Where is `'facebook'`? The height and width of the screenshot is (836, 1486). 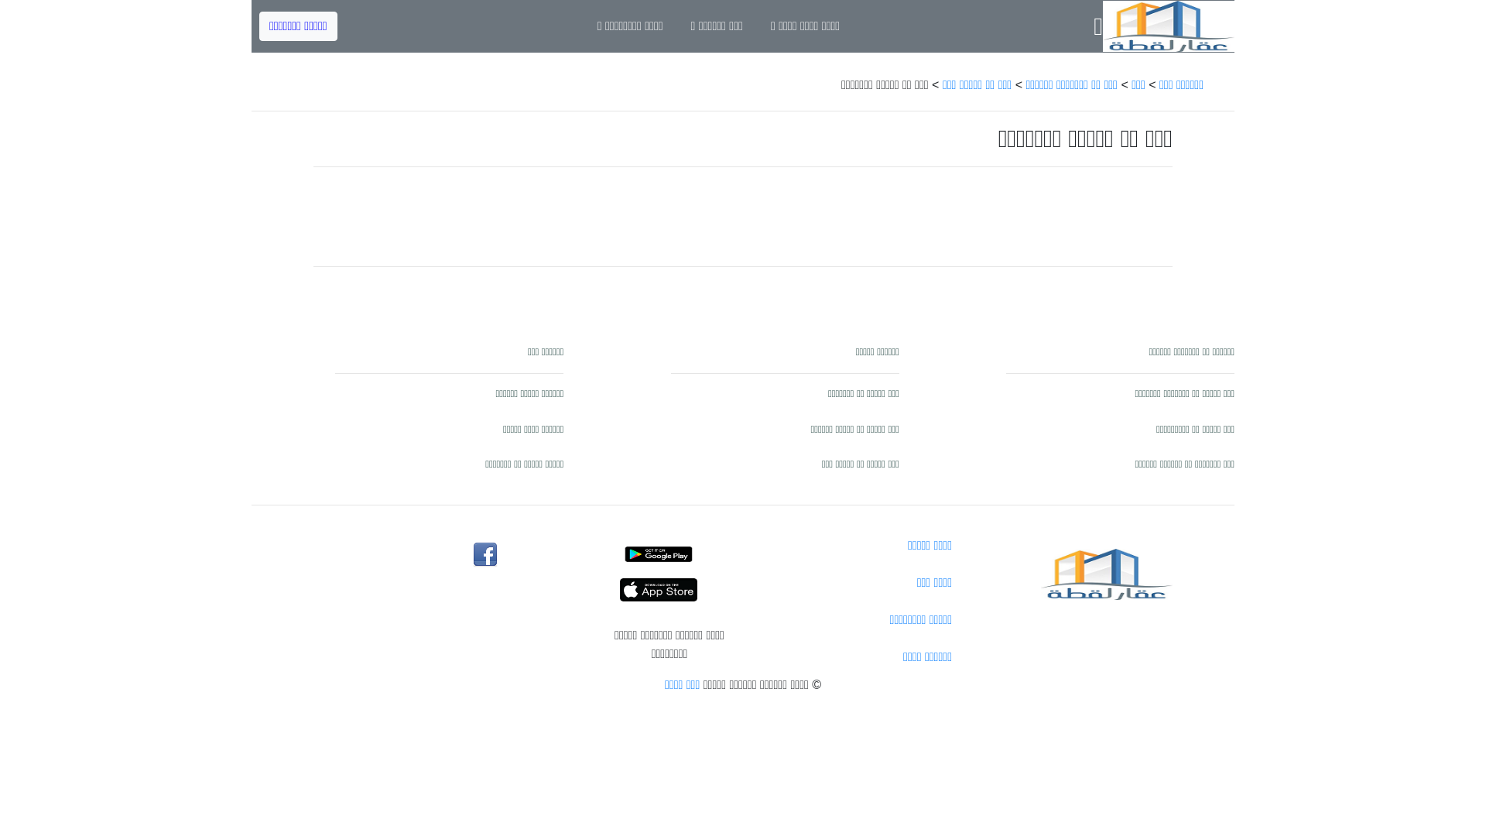 'facebook' is located at coordinates (484, 554).